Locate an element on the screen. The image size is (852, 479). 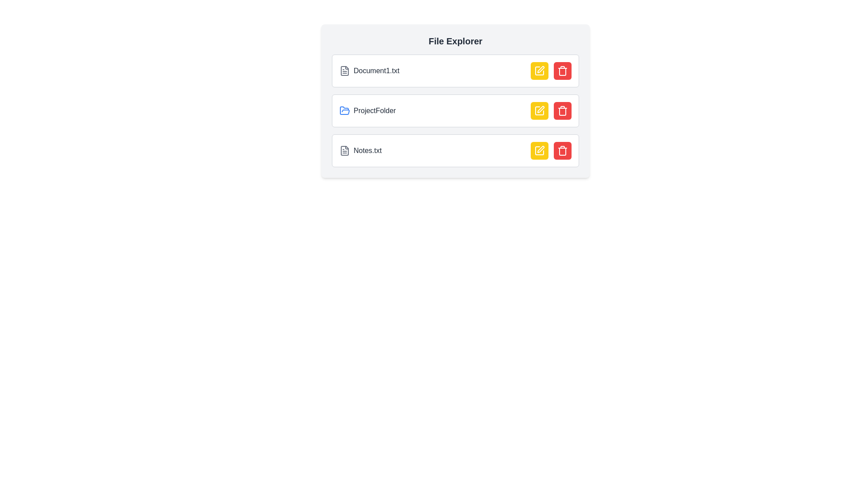
the first yellow button to the right of 'Document1.txt' to initiate editing is located at coordinates (539, 70).